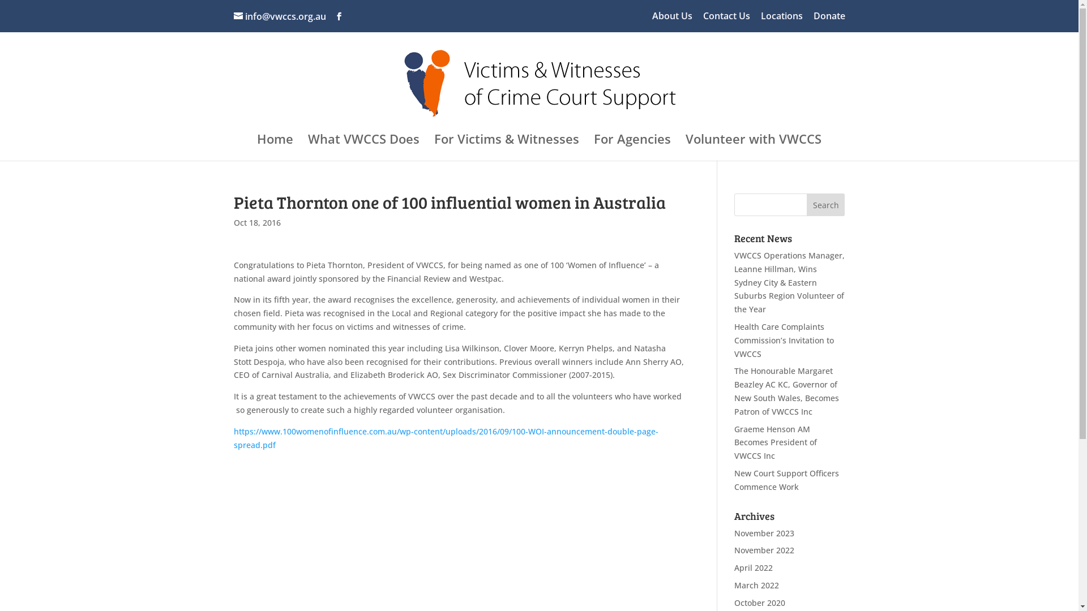 This screenshot has height=611, width=1087. Describe the element at coordinates (279, 16) in the screenshot. I see `'info@vwccs.org.au'` at that location.